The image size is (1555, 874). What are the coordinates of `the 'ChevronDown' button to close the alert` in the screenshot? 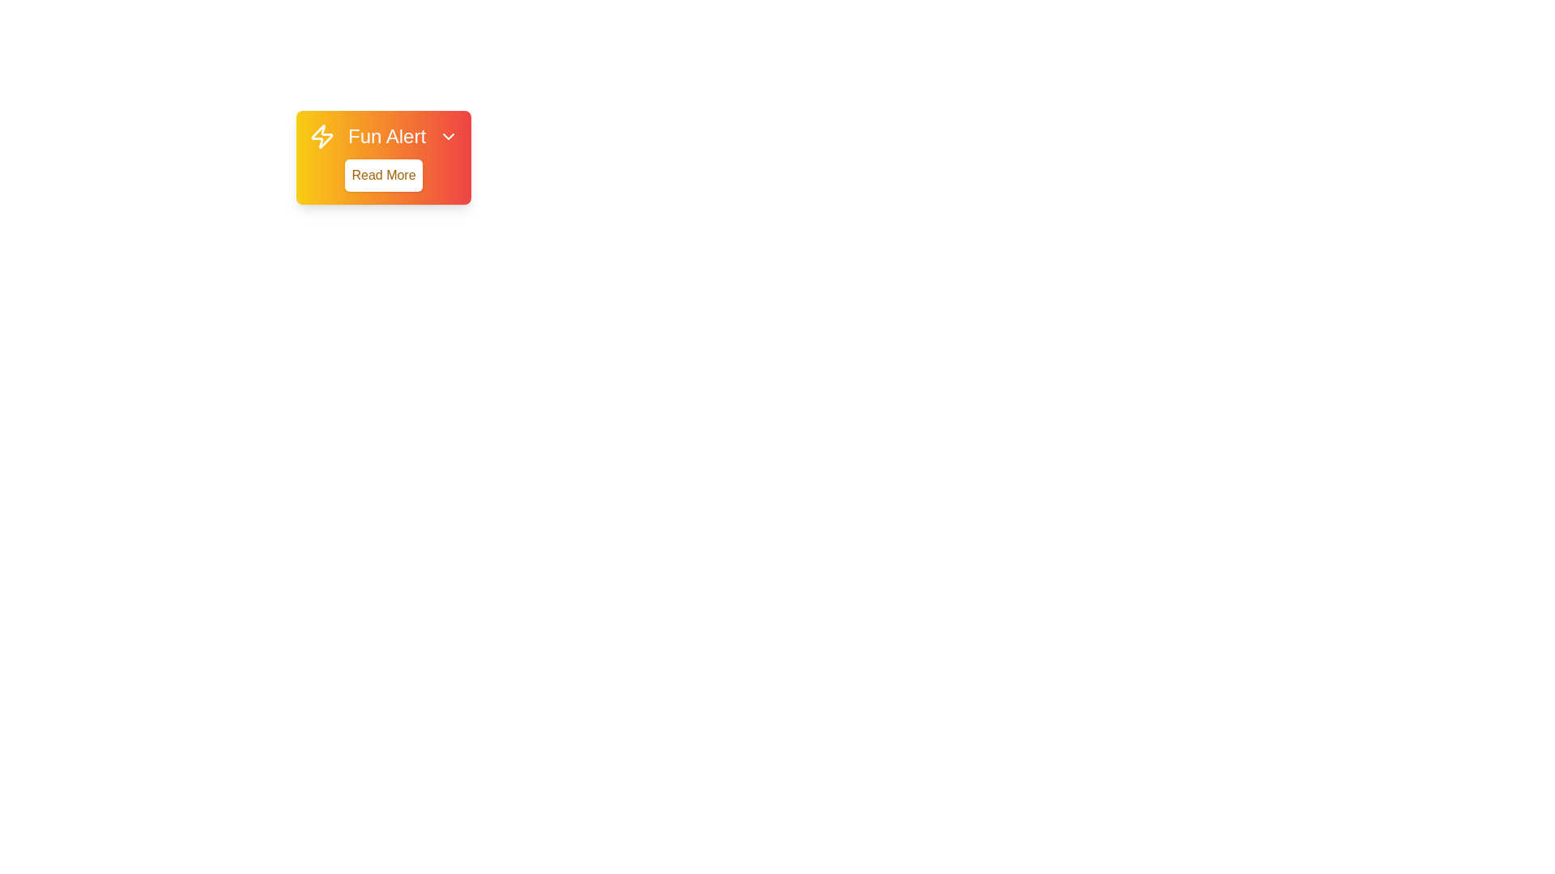 It's located at (449, 136).